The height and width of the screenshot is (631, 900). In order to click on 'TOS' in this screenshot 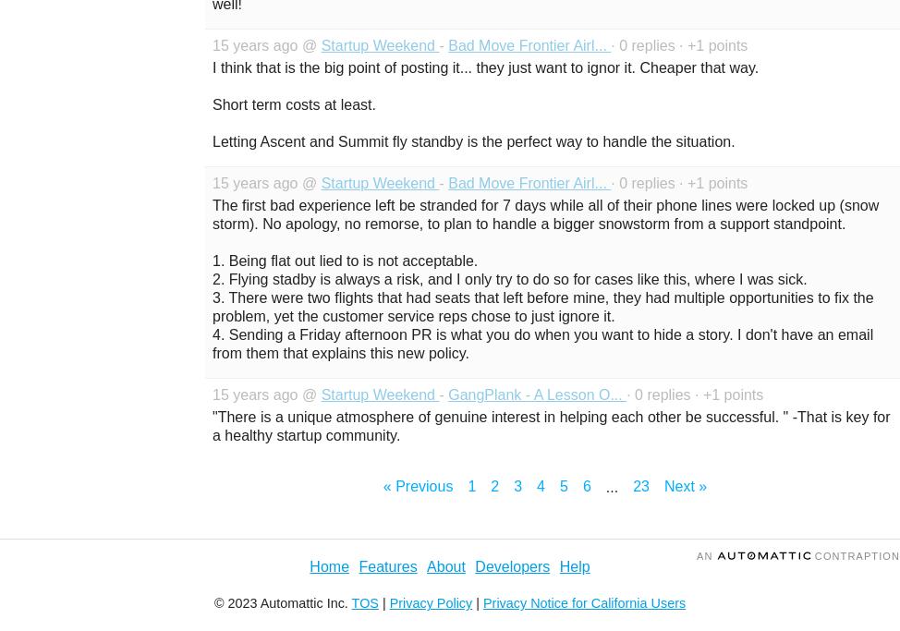, I will do `click(364, 603)`.